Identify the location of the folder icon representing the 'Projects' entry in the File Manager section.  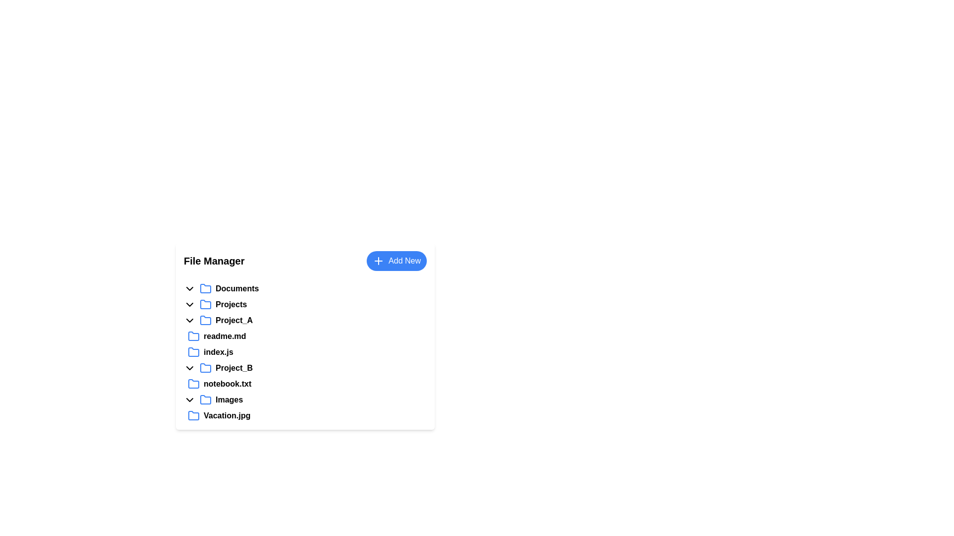
(205, 304).